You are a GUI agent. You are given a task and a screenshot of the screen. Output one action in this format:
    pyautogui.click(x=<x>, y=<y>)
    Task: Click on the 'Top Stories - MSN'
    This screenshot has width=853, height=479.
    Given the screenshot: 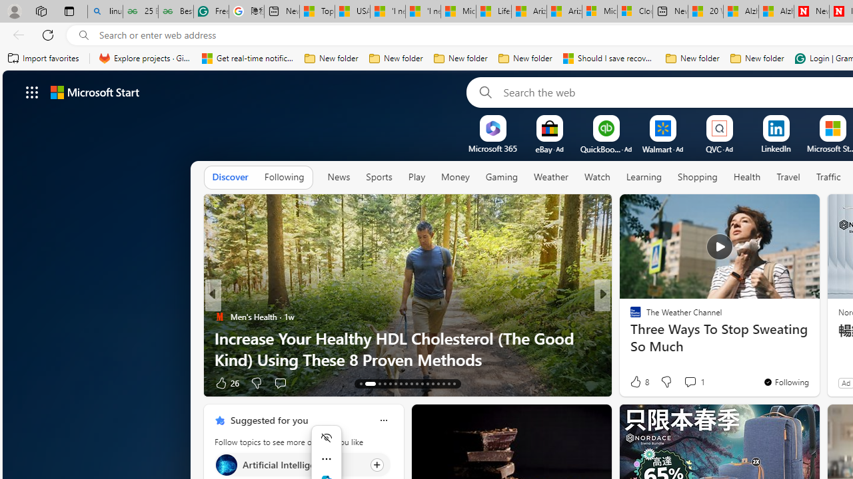 What is the action you would take?
    pyautogui.click(x=317, y=11)
    